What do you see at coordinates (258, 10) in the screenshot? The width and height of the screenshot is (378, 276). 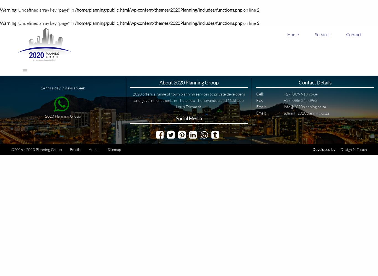 I see `'2'` at bounding box center [258, 10].